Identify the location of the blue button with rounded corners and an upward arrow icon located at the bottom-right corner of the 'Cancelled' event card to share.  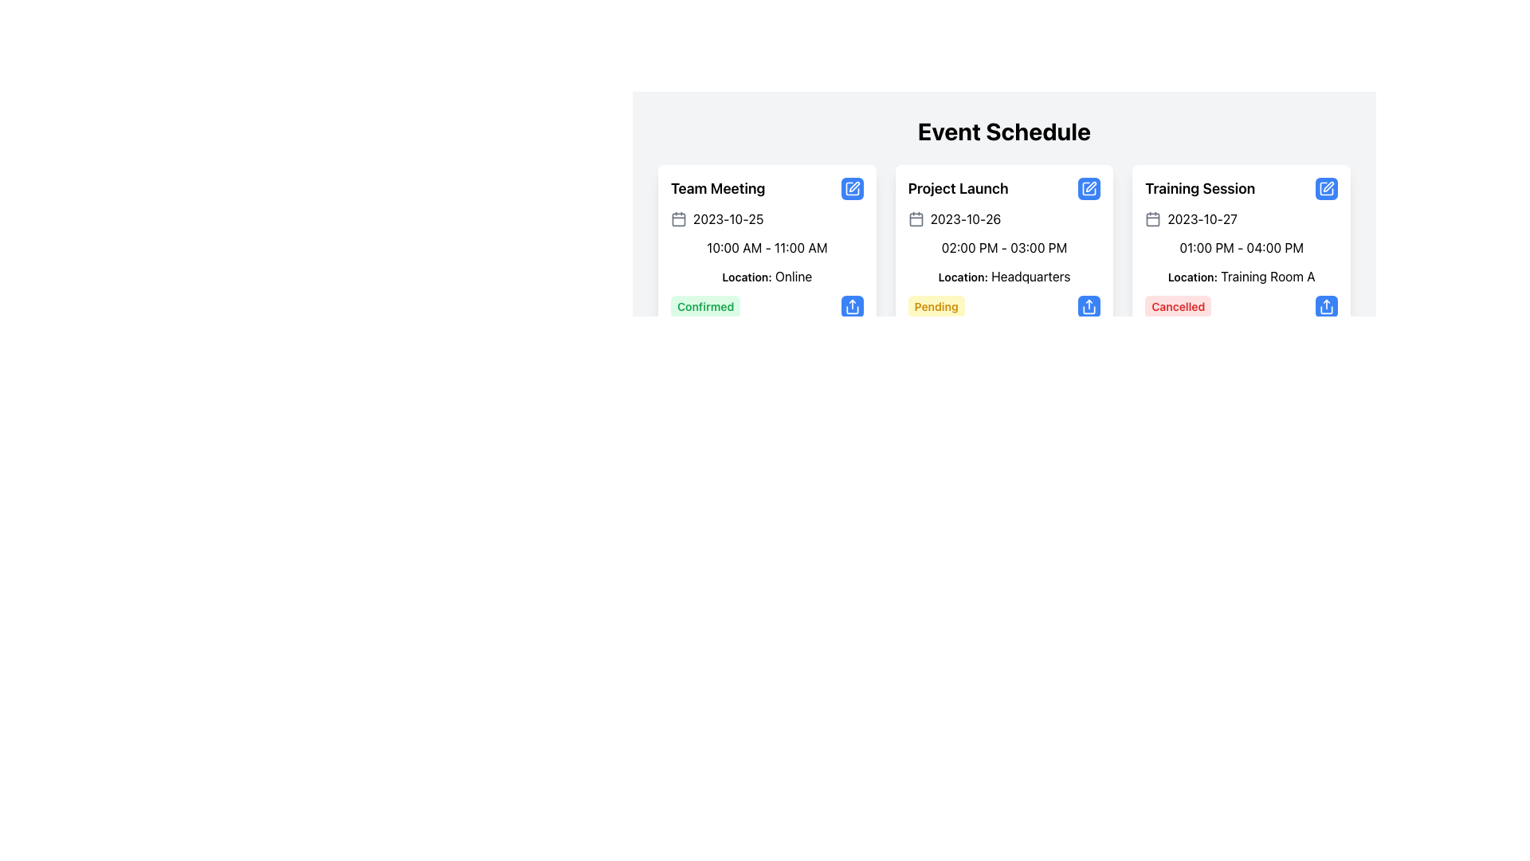
(1327, 307).